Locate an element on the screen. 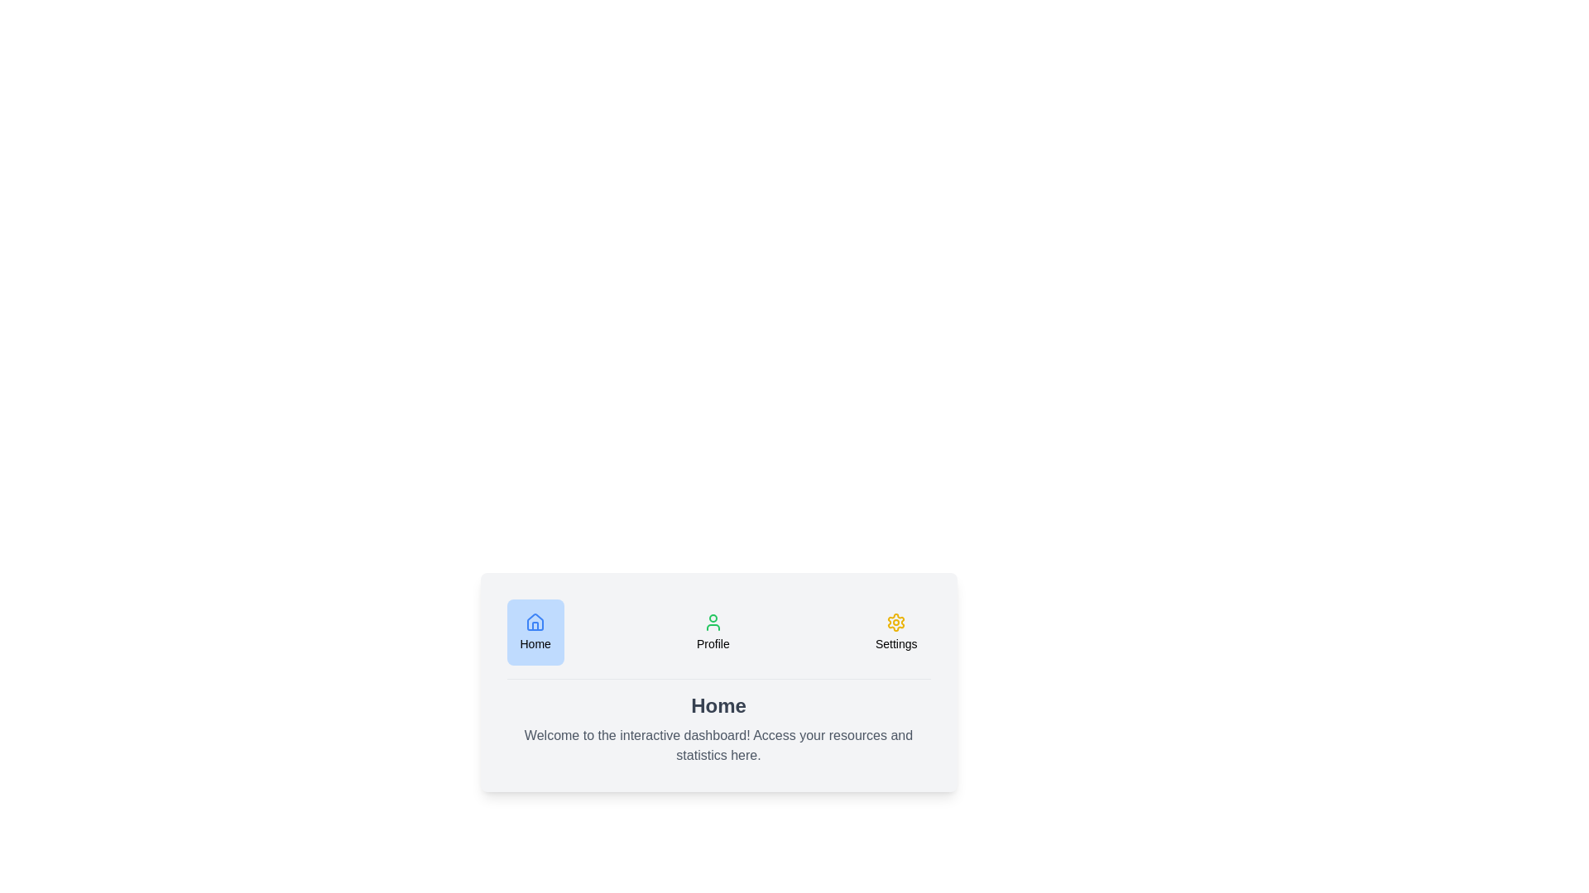  the tab button labeled 'Settings' to switch to the corresponding tab is located at coordinates (895, 632).